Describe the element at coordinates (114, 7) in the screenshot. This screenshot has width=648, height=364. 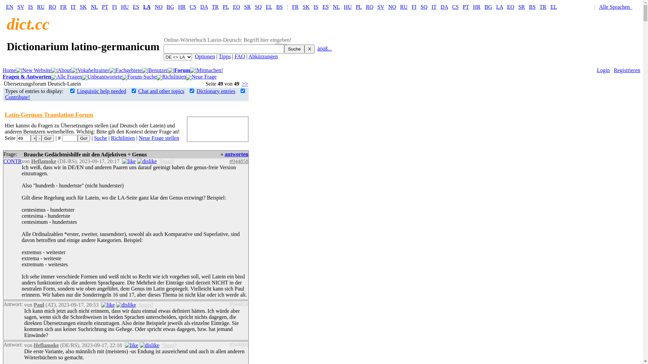
I see `'FI'` at that location.